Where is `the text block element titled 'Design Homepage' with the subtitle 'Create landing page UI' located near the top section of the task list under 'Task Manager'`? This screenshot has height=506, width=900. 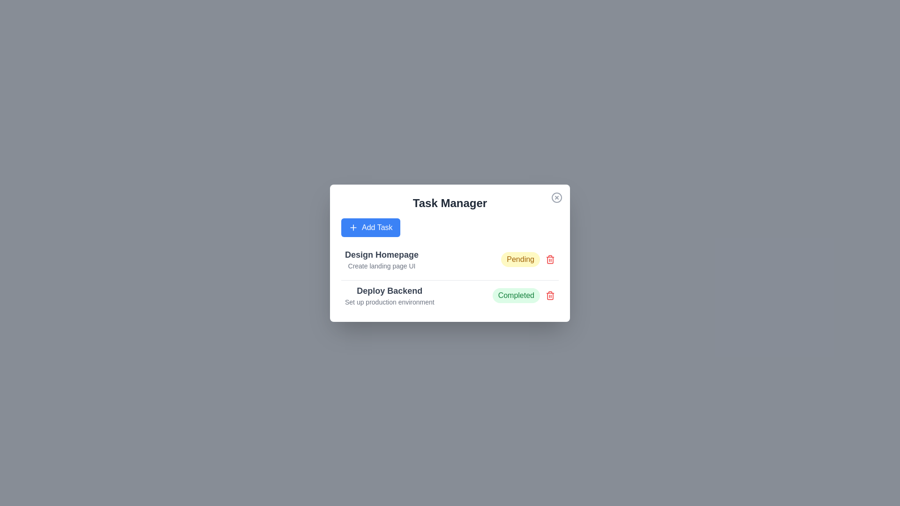
the text block element titled 'Design Homepage' with the subtitle 'Create landing page UI' located near the top section of the task list under 'Task Manager' is located at coordinates (382, 259).